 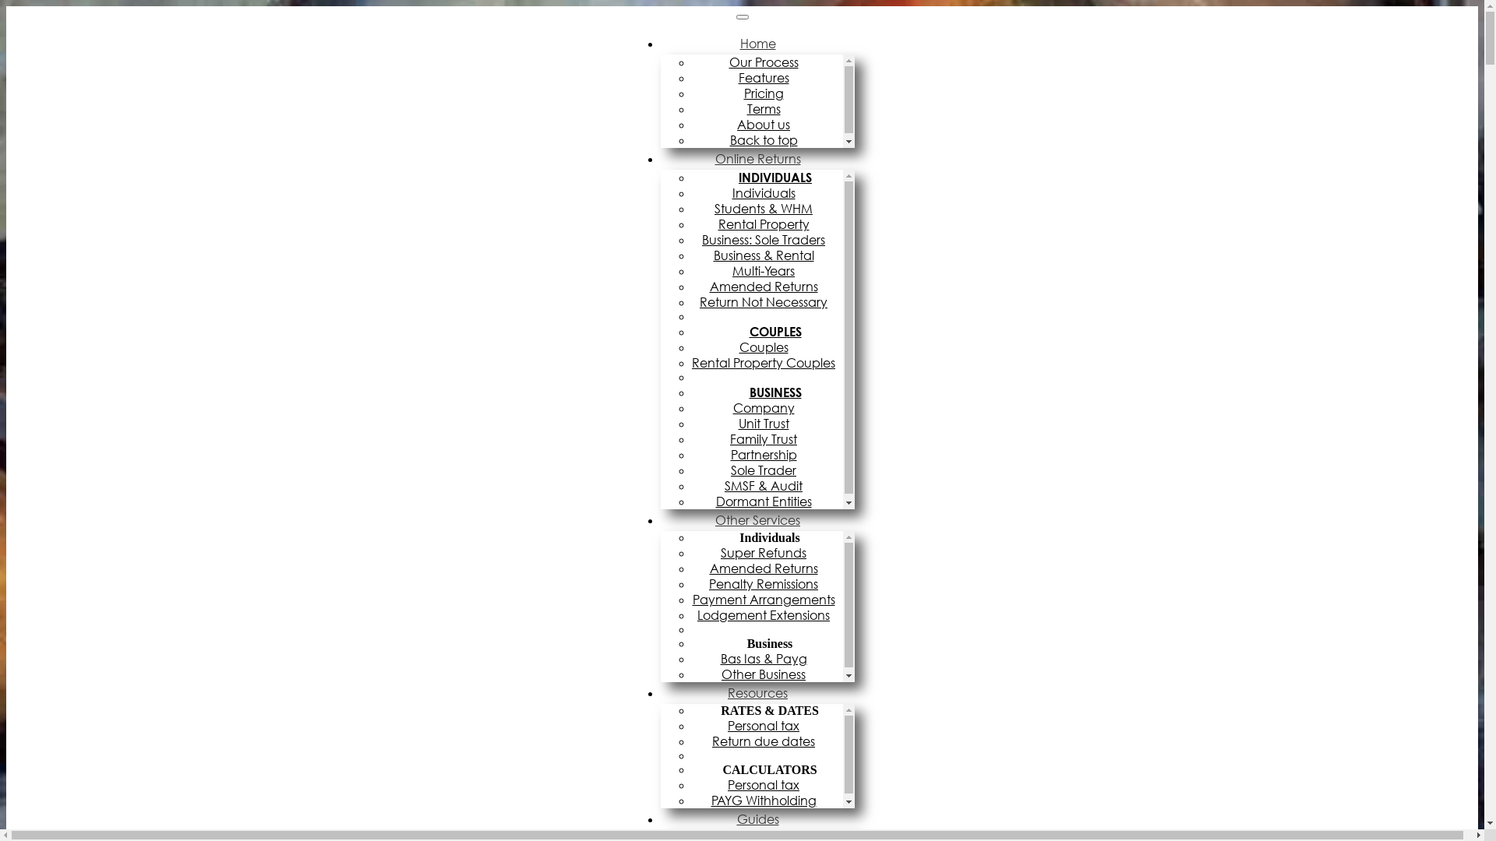 What do you see at coordinates (767, 454) in the screenshot?
I see `'Partnership'` at bounding box center [767, 454].